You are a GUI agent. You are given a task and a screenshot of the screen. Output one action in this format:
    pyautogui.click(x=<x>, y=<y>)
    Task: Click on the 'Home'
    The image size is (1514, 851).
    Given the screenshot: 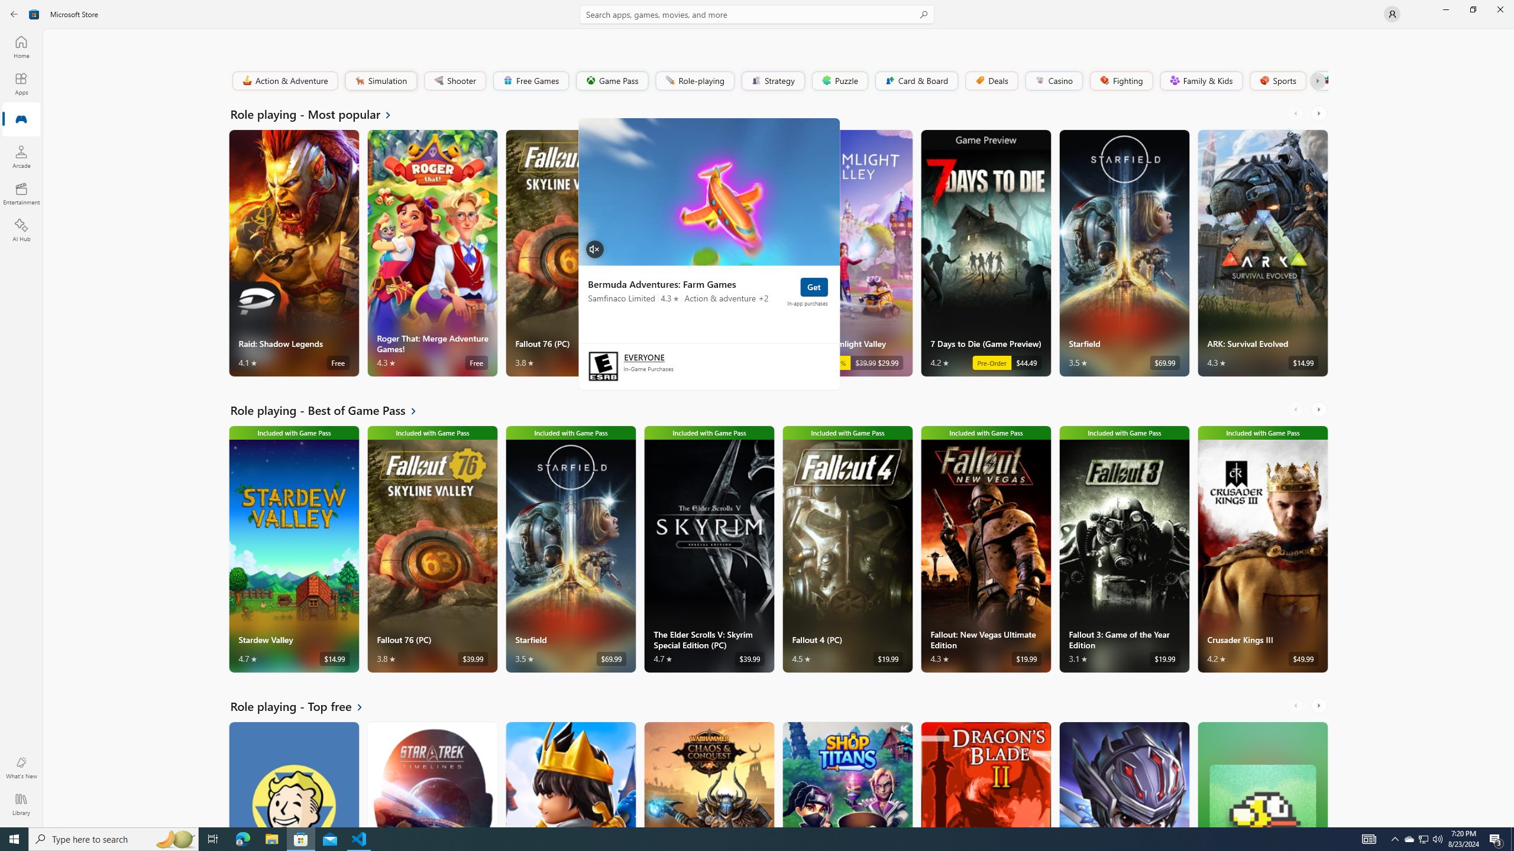 What is the action you would take?
    pyautogui.click(x=20, y=46)
    